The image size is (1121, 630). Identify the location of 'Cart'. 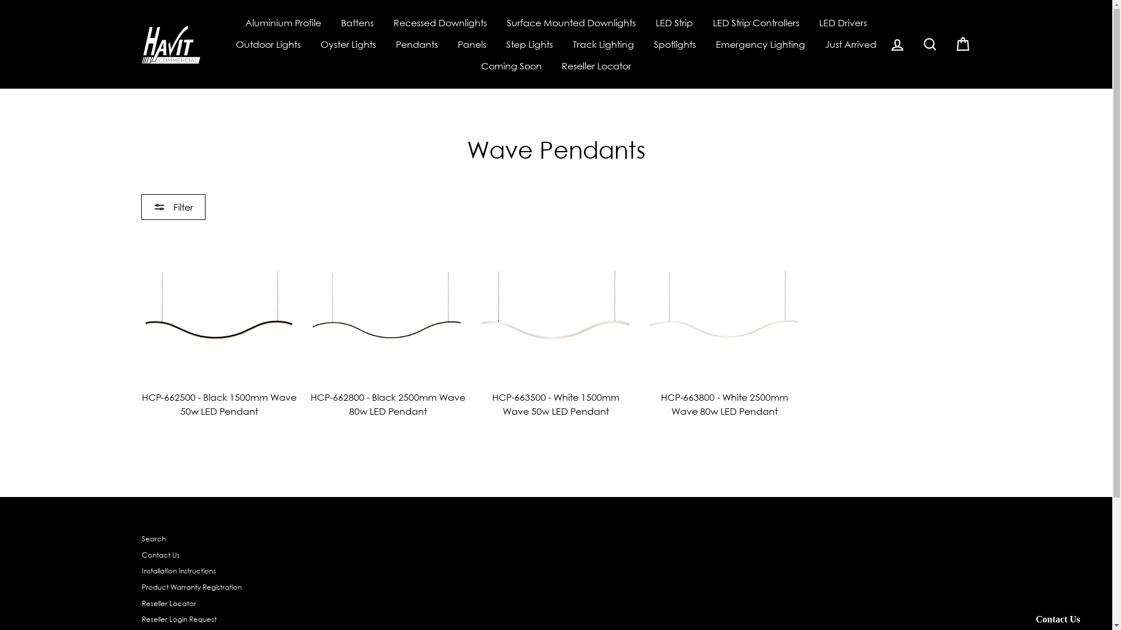
(962, 44).